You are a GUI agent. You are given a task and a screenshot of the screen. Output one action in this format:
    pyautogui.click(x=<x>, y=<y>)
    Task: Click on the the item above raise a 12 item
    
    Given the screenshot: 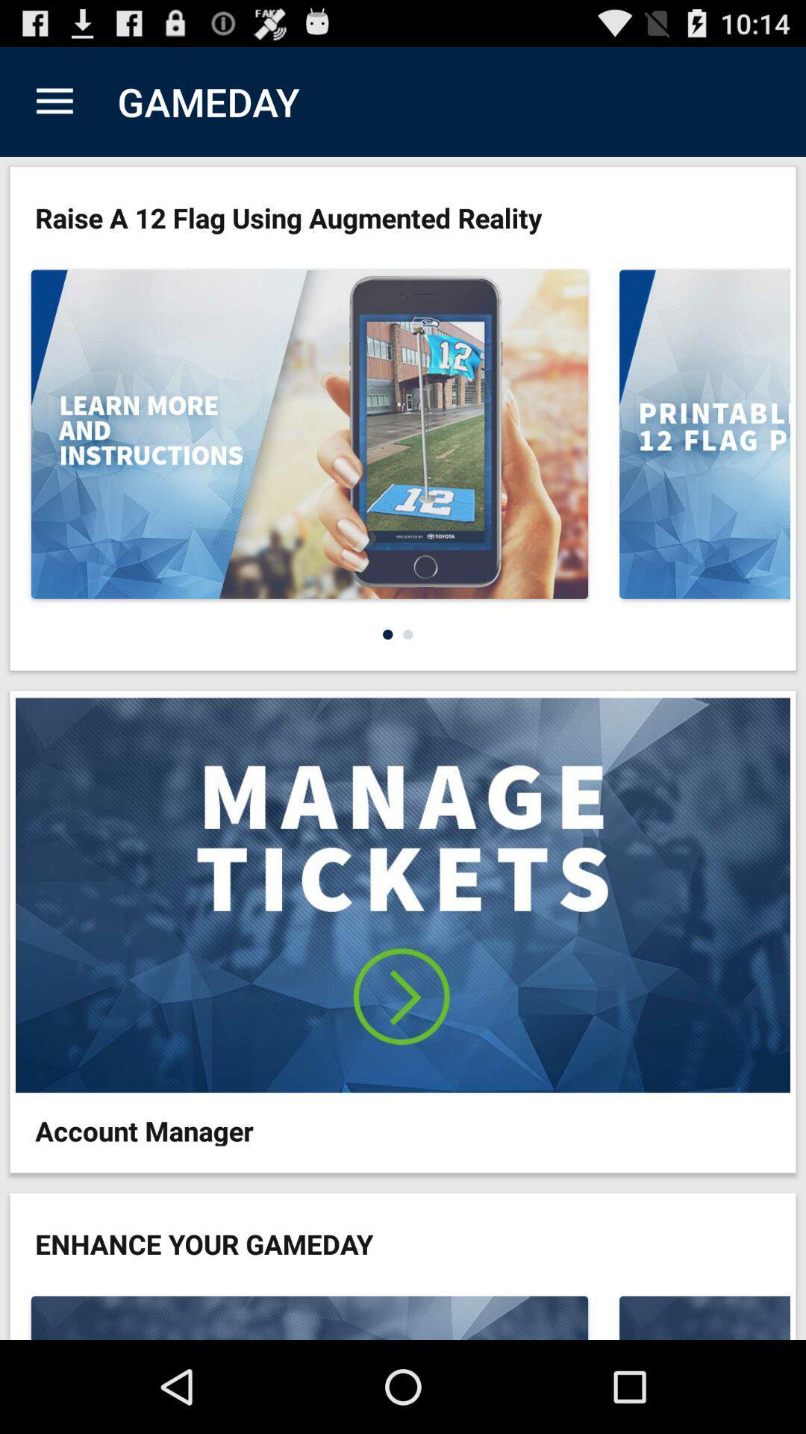 What is the action you would take?
    pyautogui.click(x=54, y=101)
    